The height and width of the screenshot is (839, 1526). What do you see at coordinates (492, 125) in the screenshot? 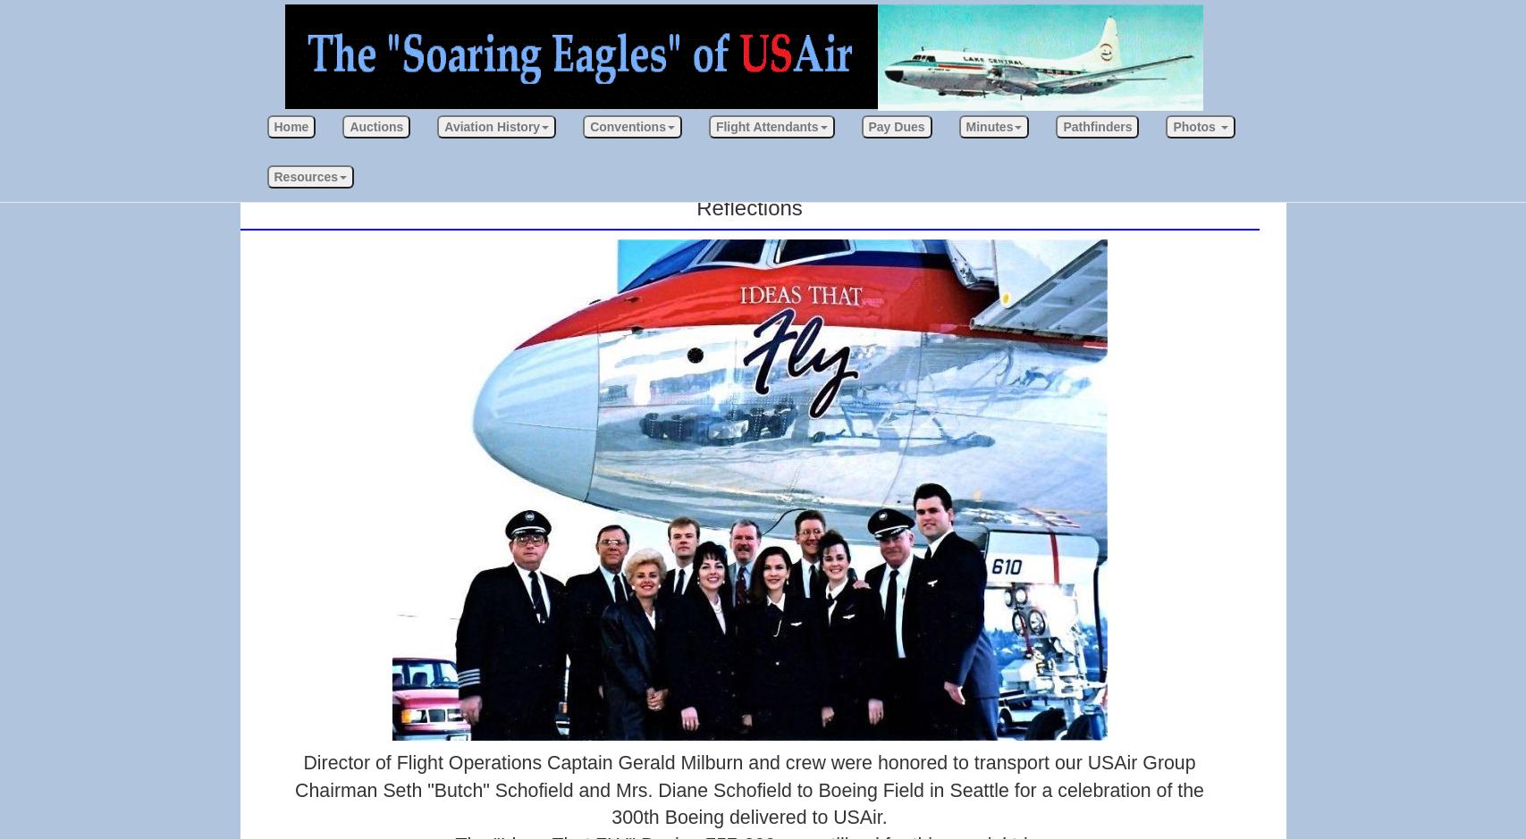
I see `'Aviation History'` at bounding box center [492, 125].